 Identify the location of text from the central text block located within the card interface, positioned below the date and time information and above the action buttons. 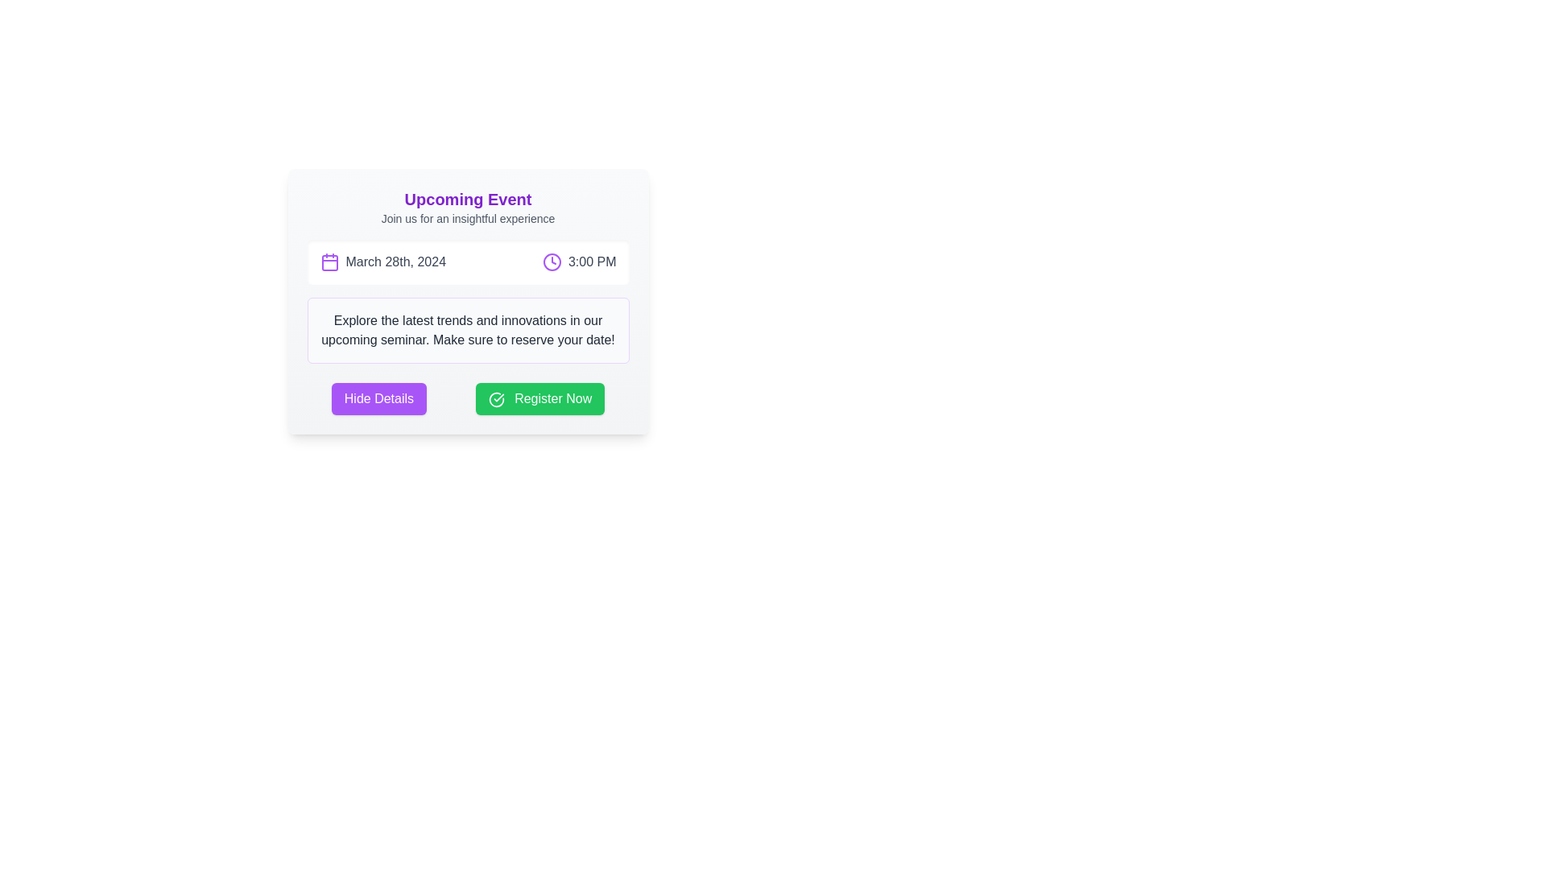
(467, 330).